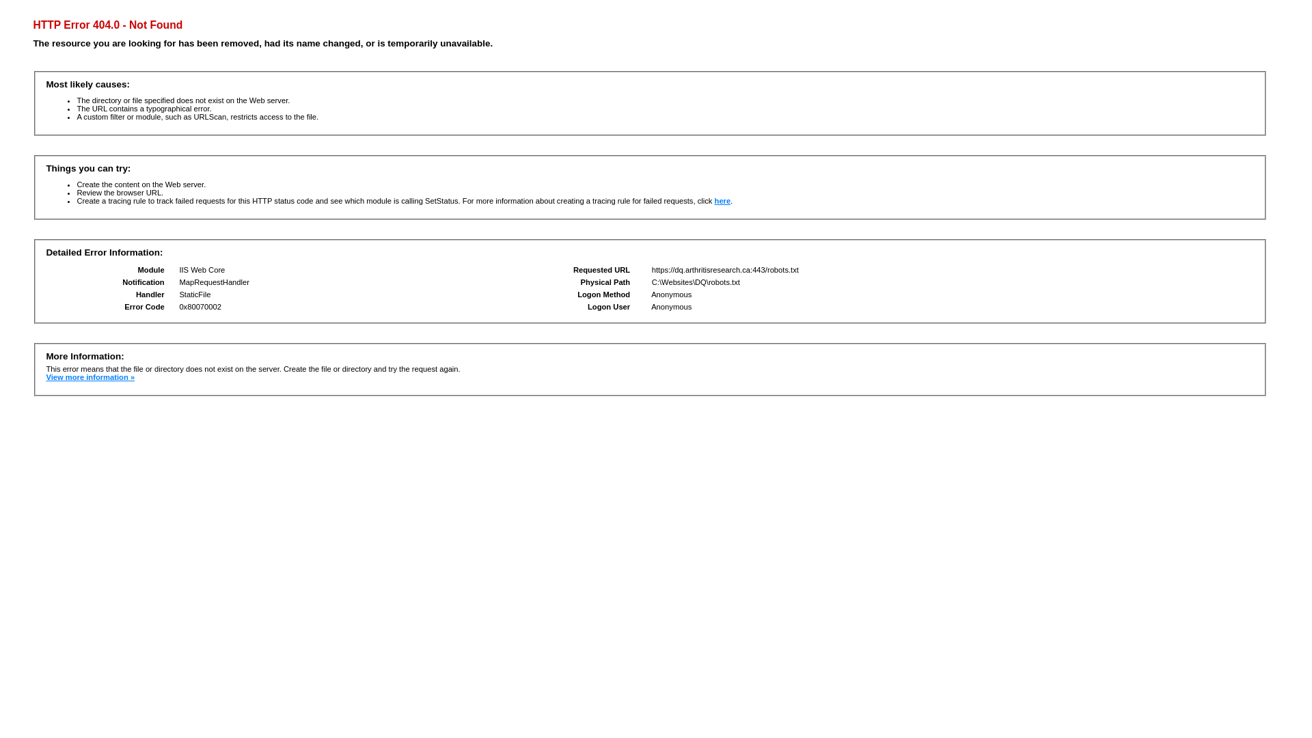  What do you see at coordinates (722, 200) in the screenshot?
I see `'here'` at bounding box center [722, 200].